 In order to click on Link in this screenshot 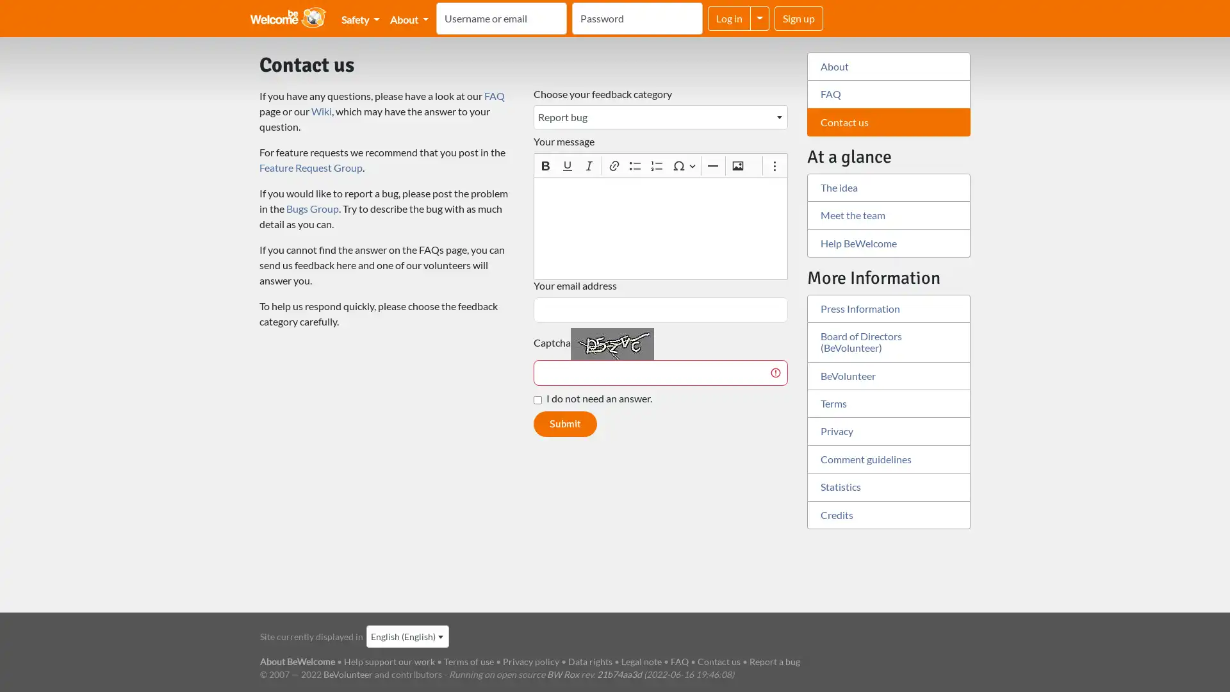, I will do `click(613, 165)`.